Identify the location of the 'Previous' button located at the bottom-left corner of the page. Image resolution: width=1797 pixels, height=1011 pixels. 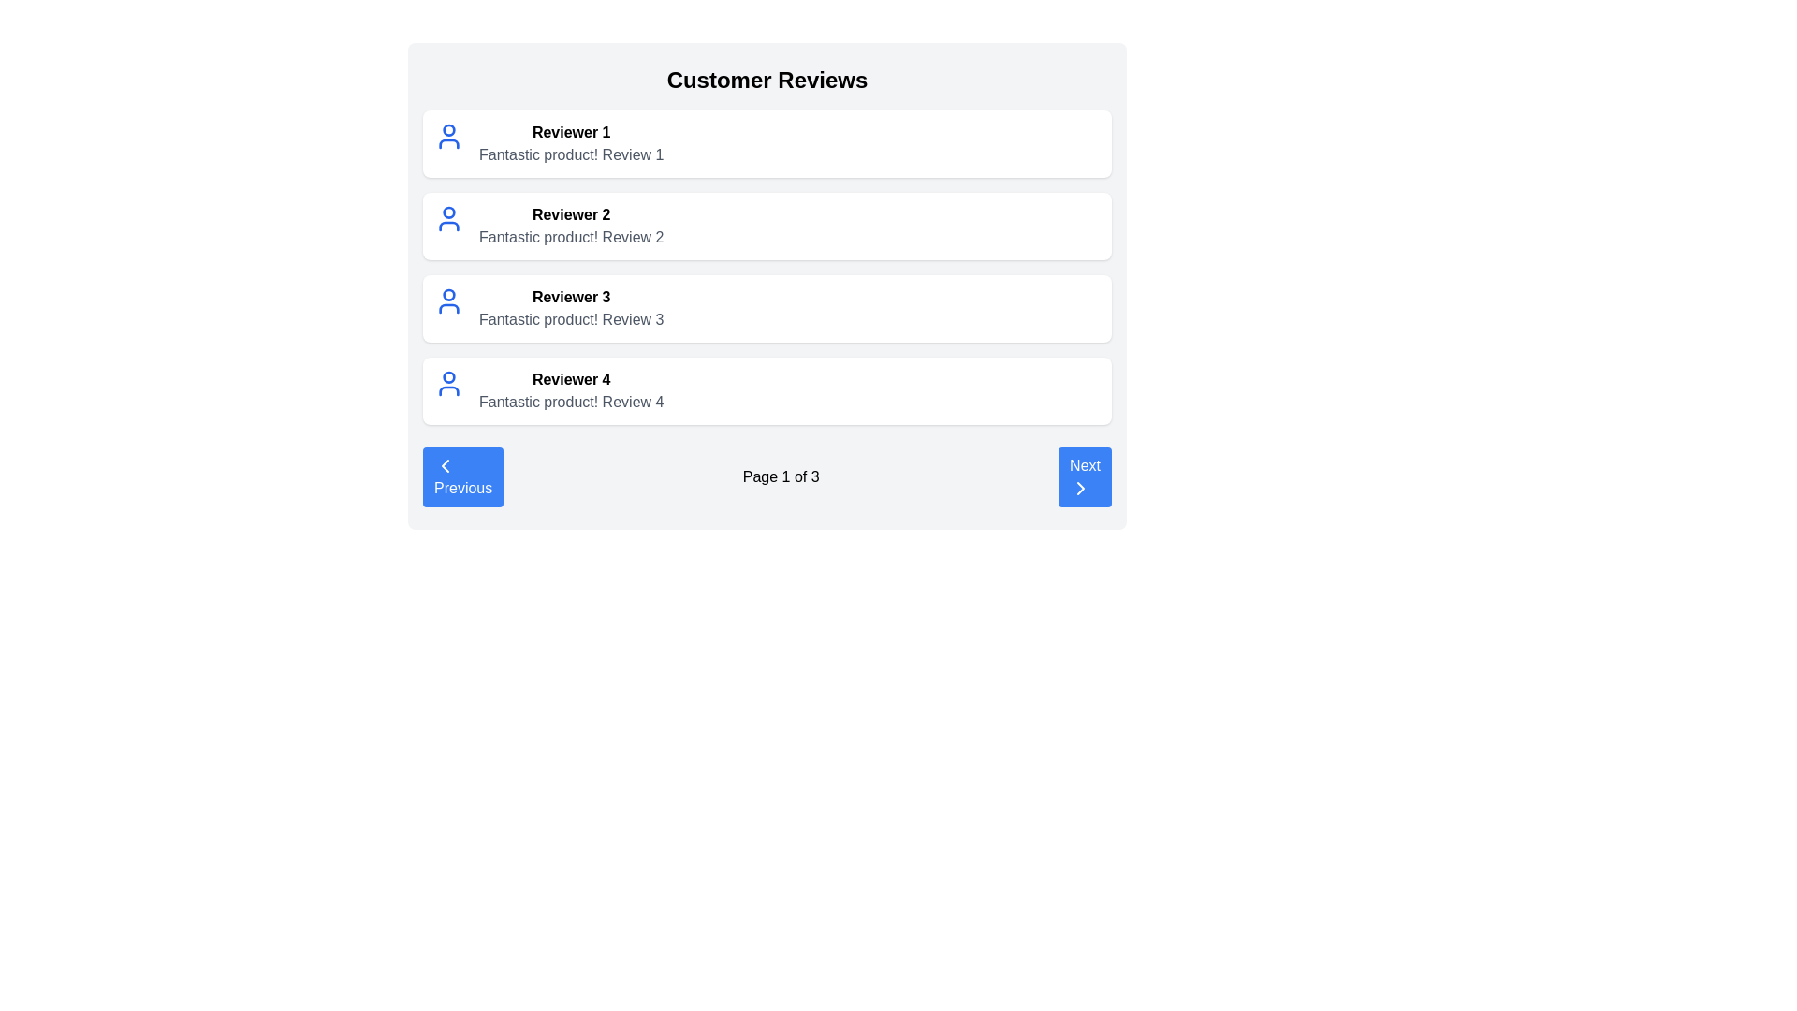
(463, 476).